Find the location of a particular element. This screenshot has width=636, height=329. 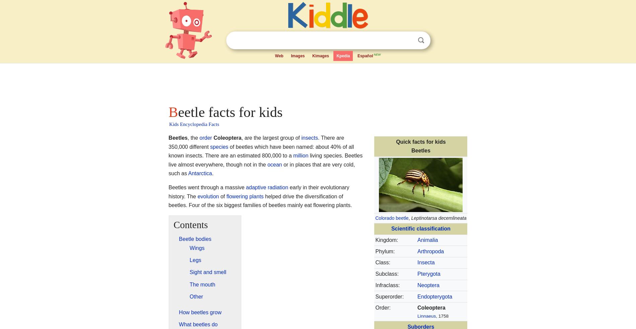

'Quick facts for kids' is located at coordinates (420, 141).